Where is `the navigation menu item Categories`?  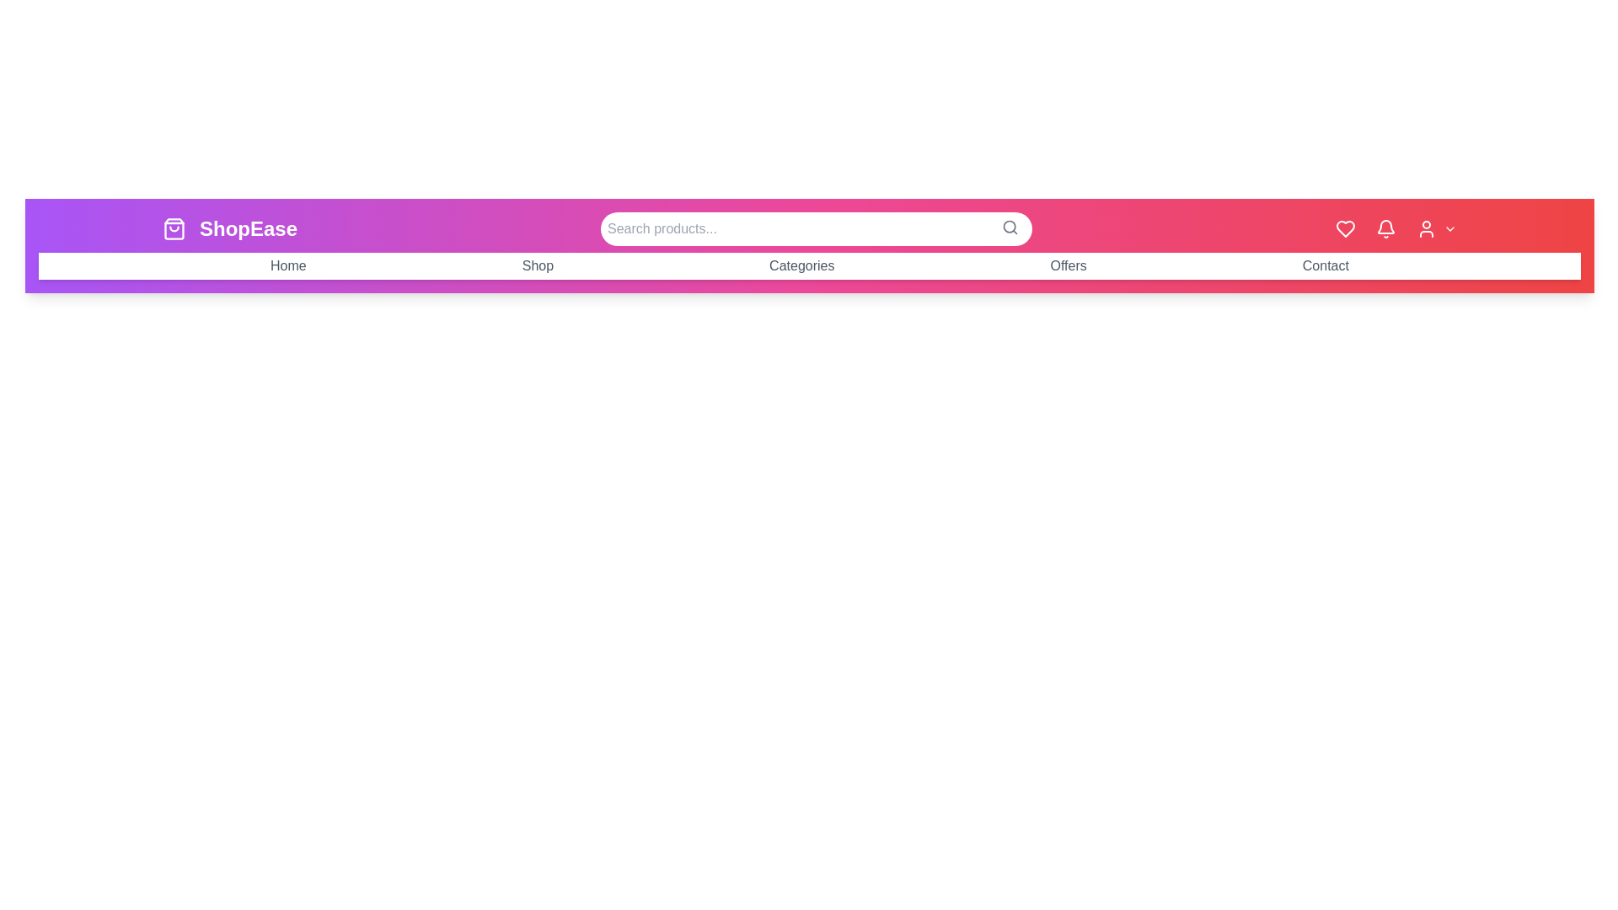
the navigation menu item Categories is located at coordinates (800, 265).